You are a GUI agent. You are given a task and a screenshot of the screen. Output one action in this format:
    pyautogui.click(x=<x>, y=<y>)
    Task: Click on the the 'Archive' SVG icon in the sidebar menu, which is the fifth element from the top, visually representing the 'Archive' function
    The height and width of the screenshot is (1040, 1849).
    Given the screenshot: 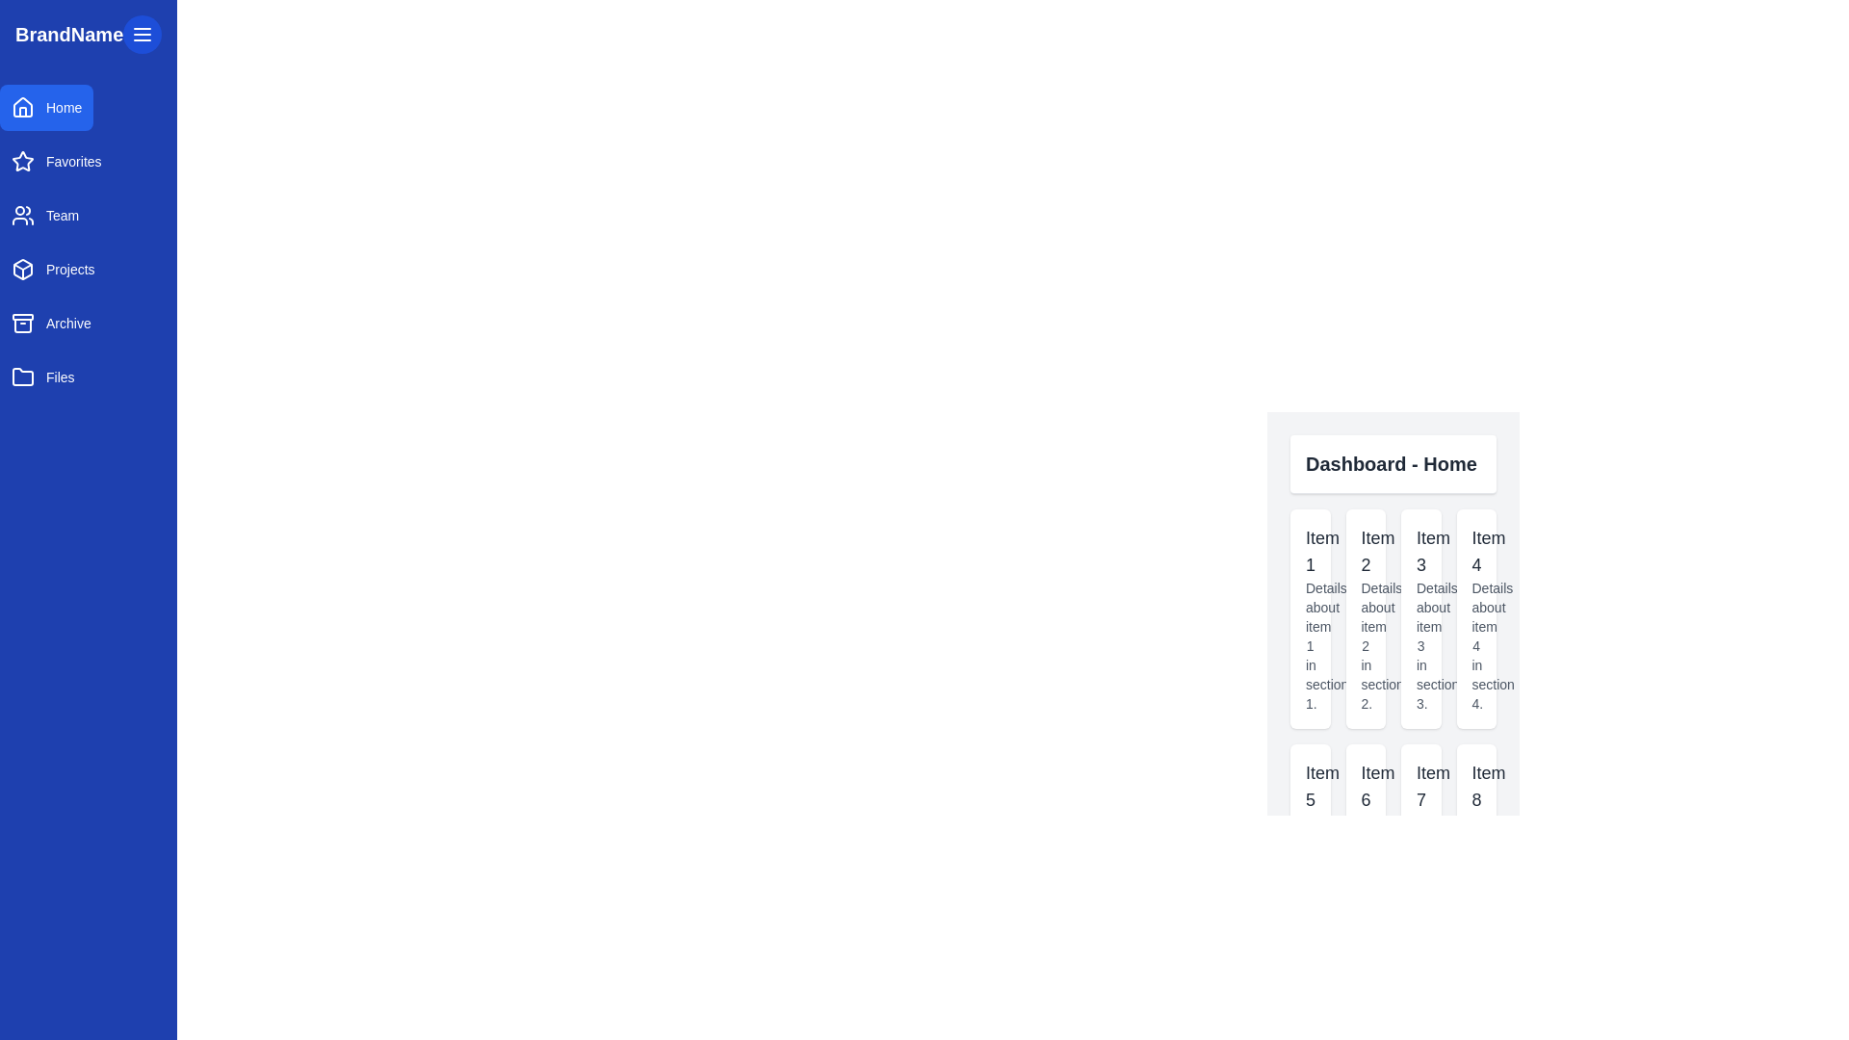 What is the action you would take?
    pyautogui.click(x=23, y=322)
    